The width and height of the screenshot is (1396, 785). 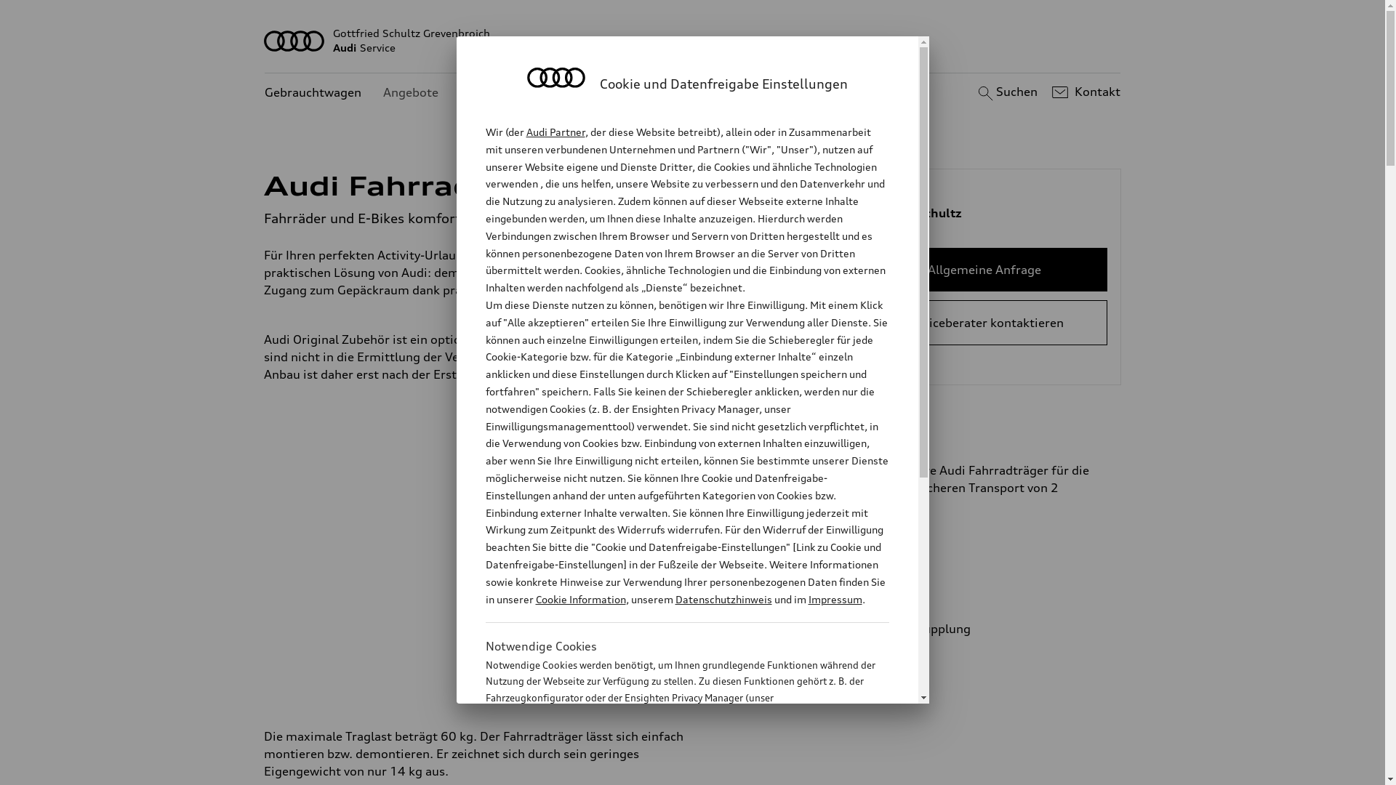 I want to click on 'Kontakt', so click(x=1048, y=92).